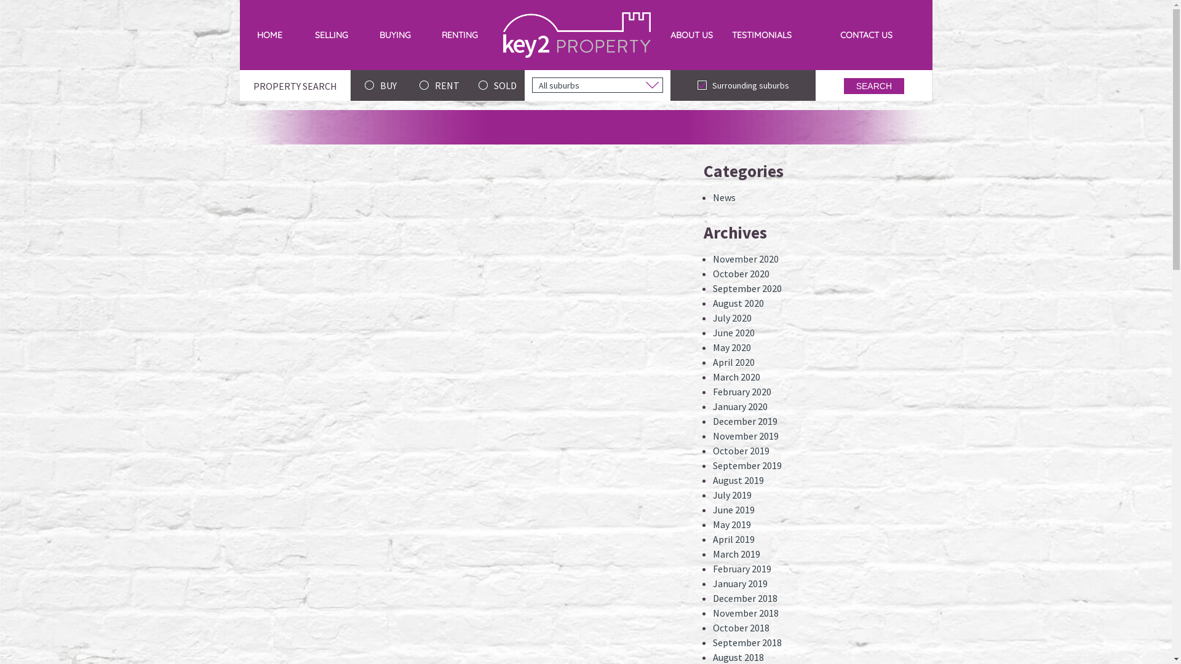 Image resolution: width=1181 pixels, height=664 pixels. What do you see at coordinates (738, 303) in the screenshot?
I see `'August 2020'` at bounding box center [738, 303].